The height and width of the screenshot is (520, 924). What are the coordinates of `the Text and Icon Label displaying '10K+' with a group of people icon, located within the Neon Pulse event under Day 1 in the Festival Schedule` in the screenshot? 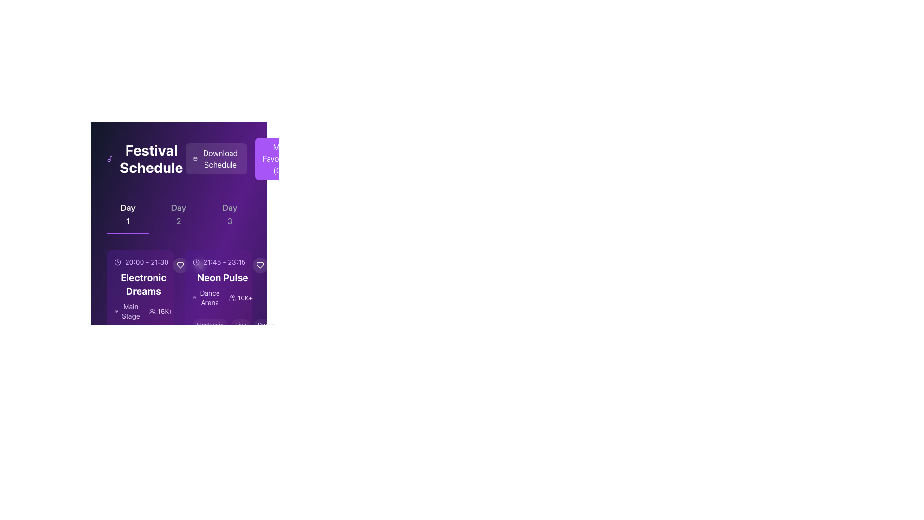 It's located at (241, 297).